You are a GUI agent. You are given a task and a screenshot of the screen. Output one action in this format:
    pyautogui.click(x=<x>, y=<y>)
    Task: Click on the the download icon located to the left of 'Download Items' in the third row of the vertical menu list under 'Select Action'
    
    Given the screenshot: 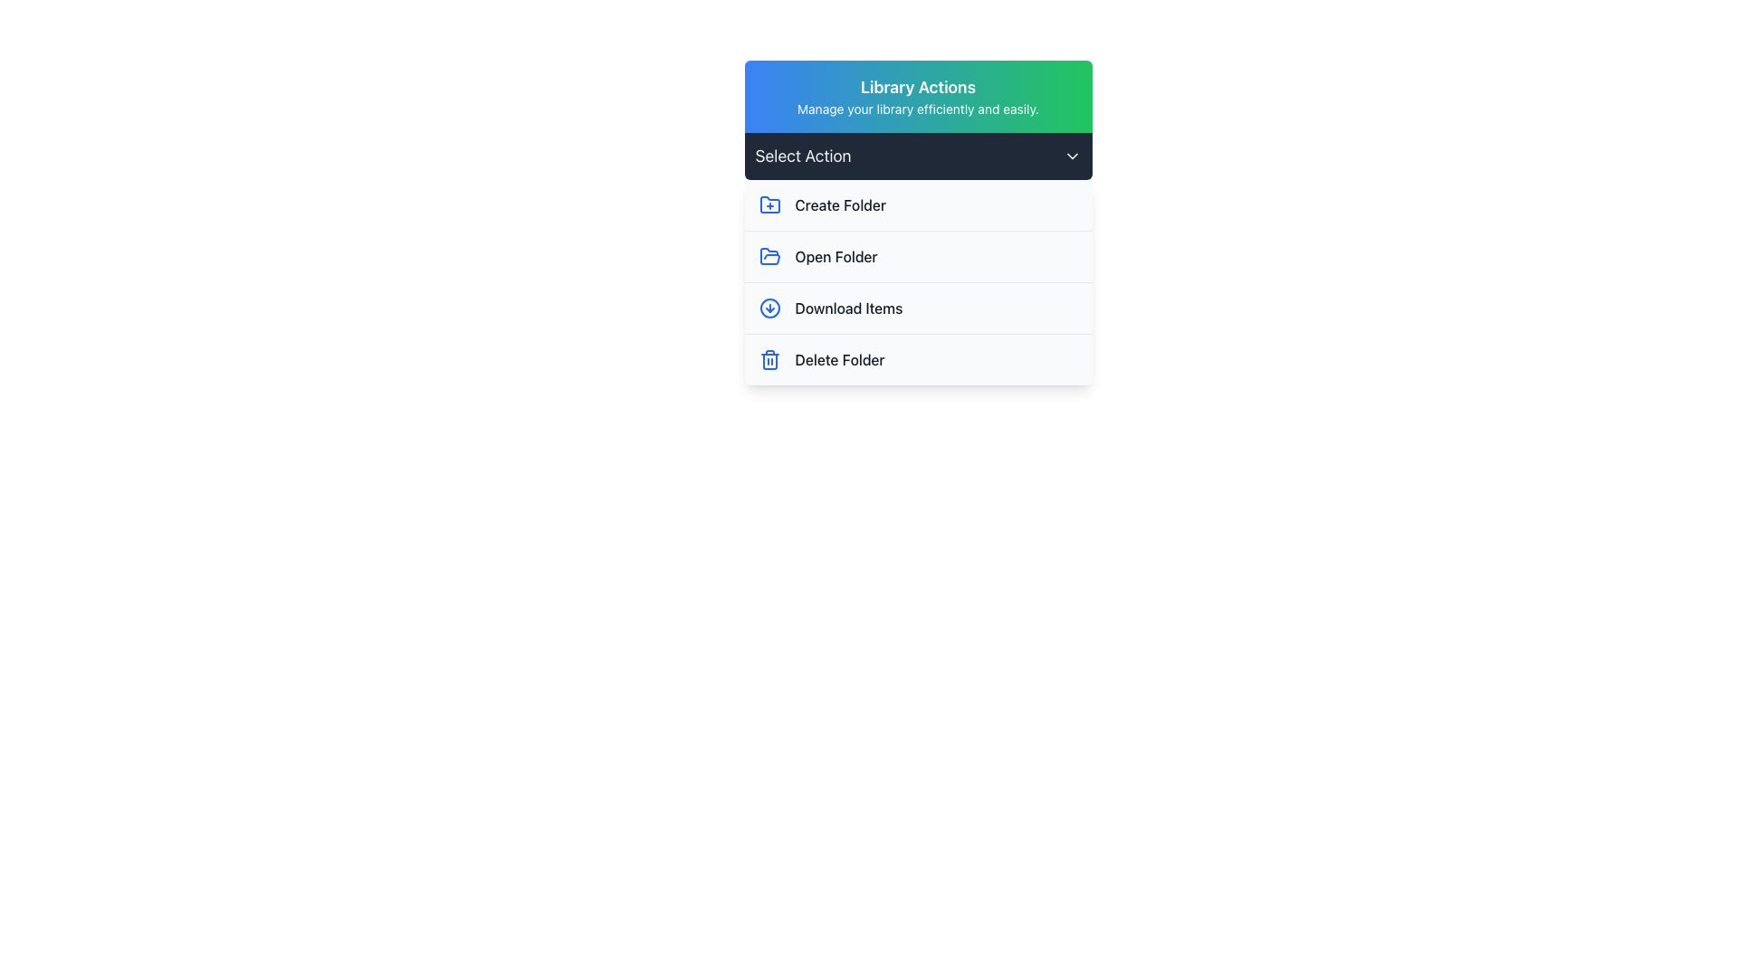 What is the action you would take?
    pyautogui.click(x=769, y=307)
    